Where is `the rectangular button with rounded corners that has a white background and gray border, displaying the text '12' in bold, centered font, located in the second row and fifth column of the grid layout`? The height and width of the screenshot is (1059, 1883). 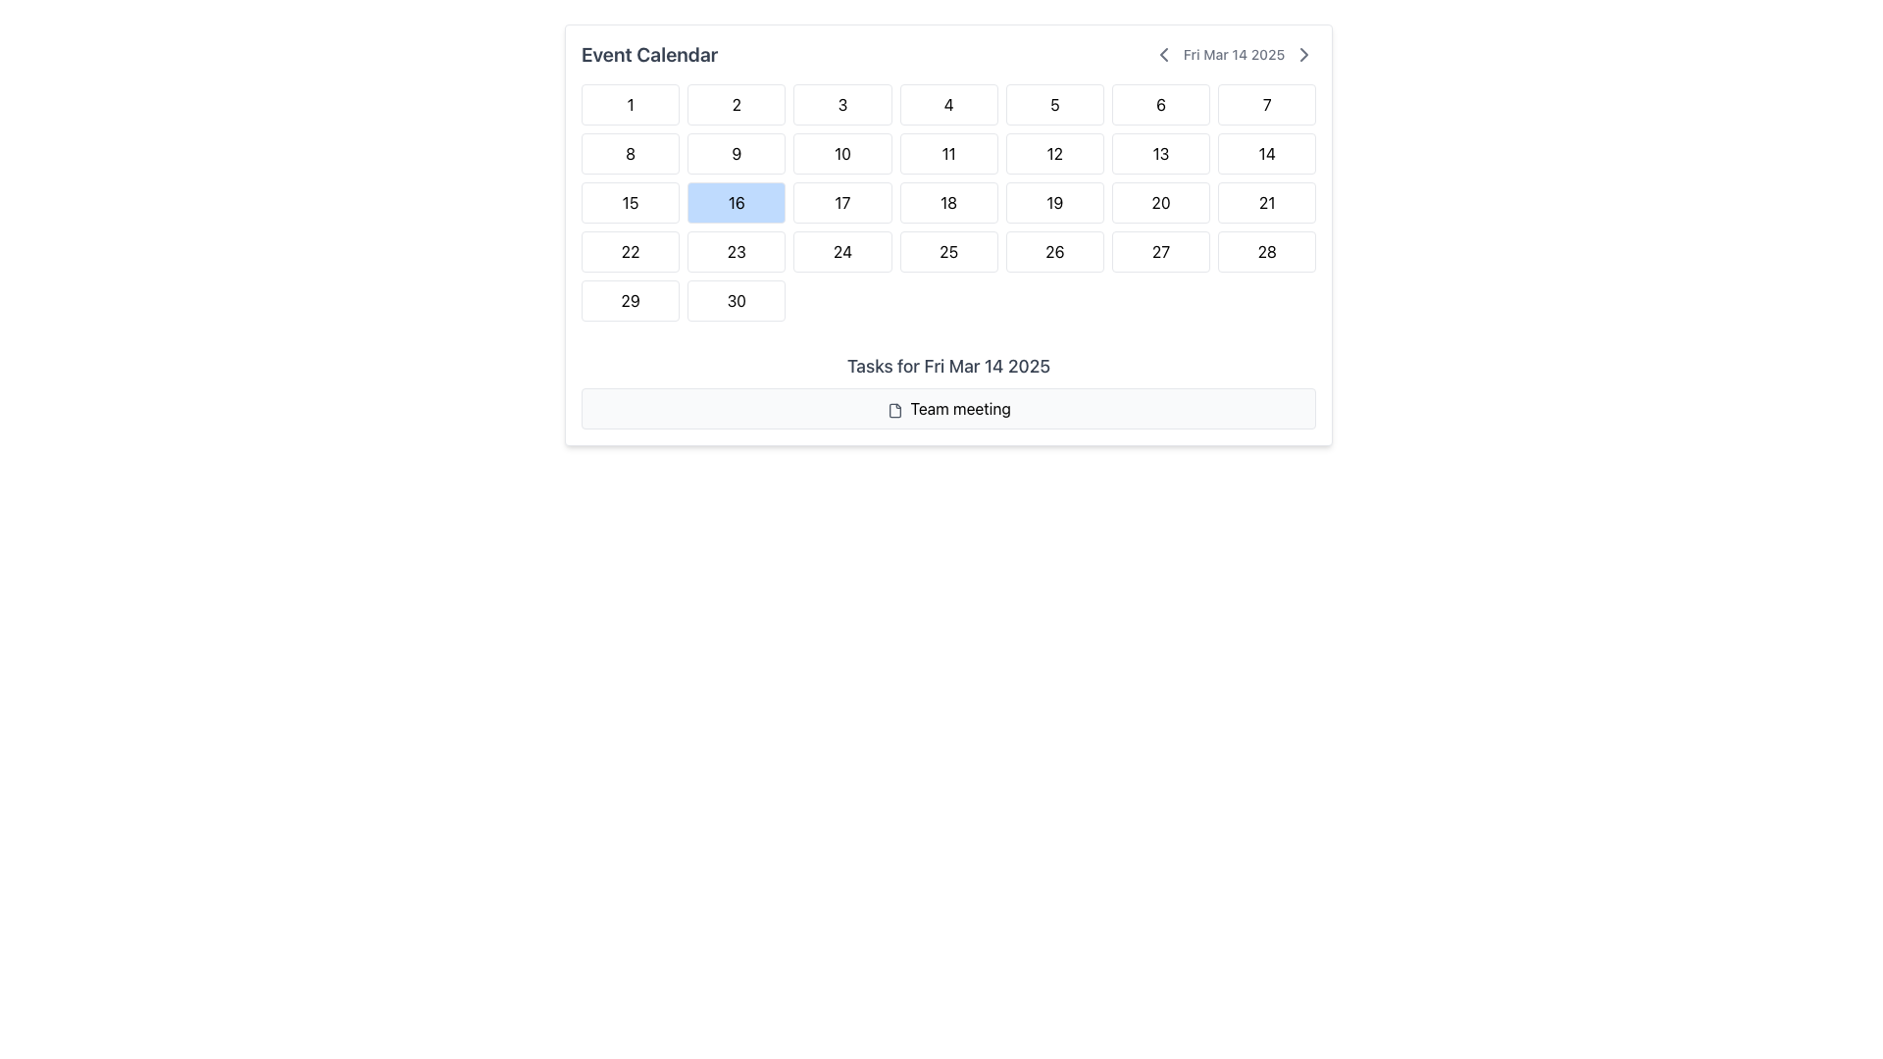
the rectangular button with rounded corners that has a white background and gray border, displaying the text '12' in bold, centered font, located in the second row and fifth column of the grid layout is located at coordinates (1053, 153).